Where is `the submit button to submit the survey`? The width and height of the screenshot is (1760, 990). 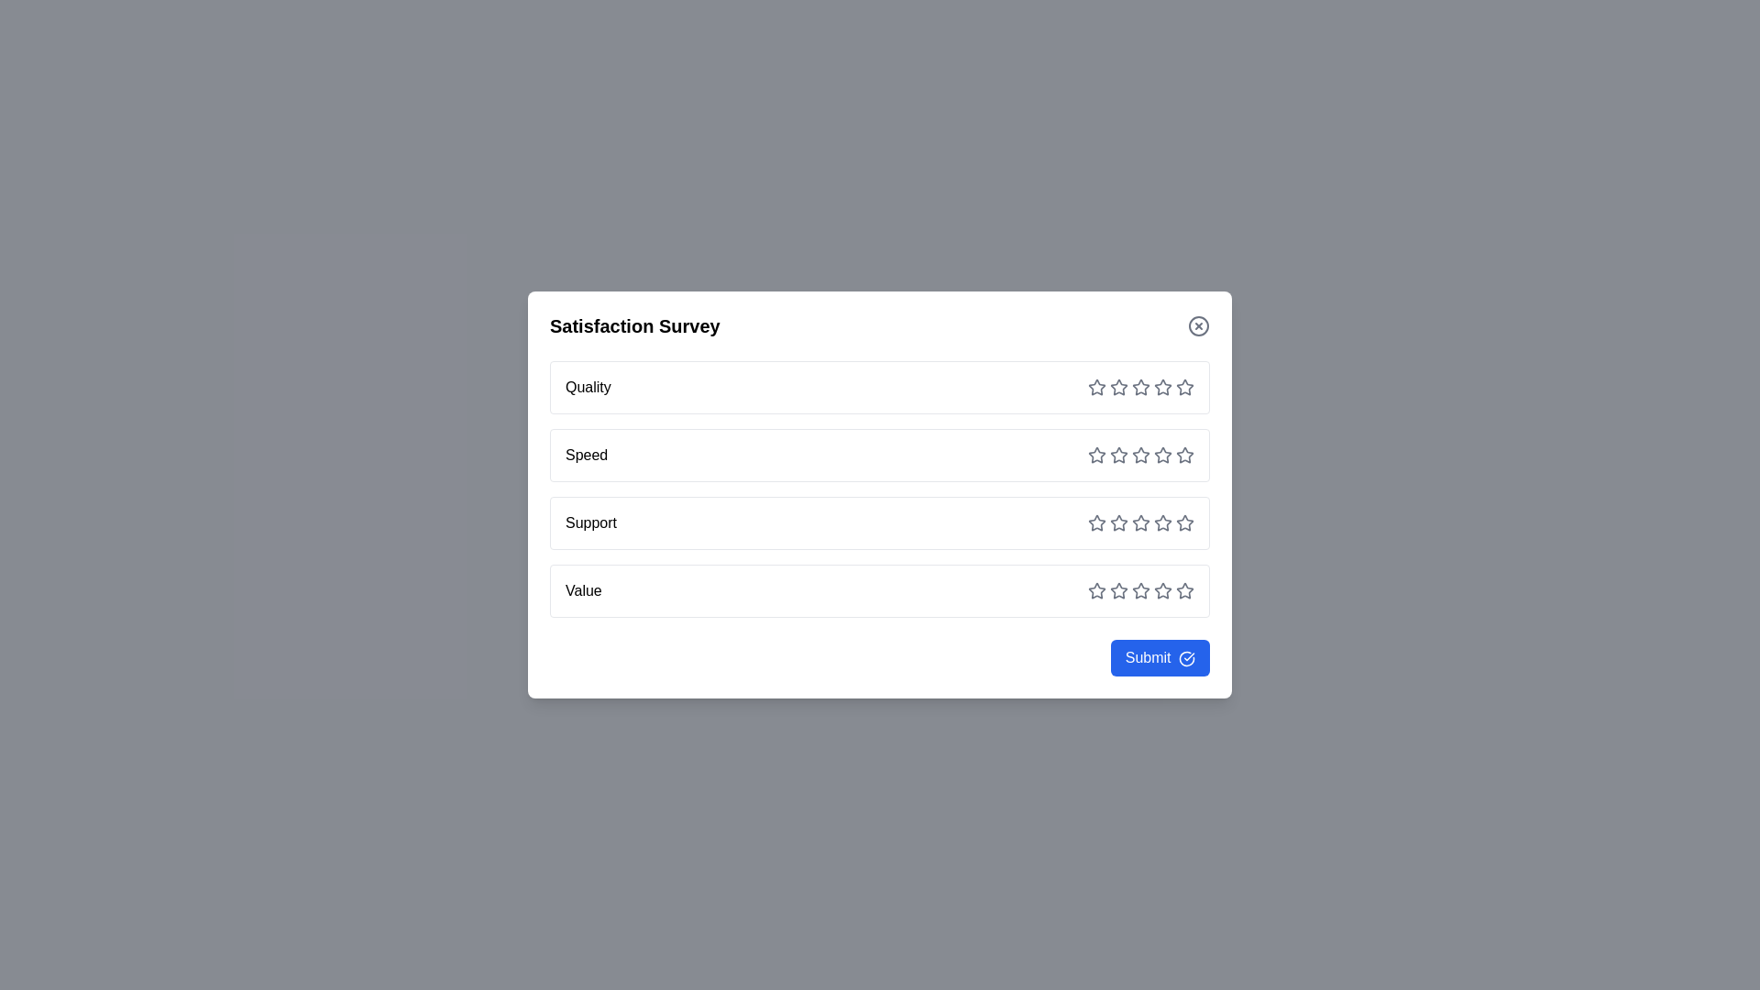
the submit button to submit the survey is located at coordinates (1159, 656).